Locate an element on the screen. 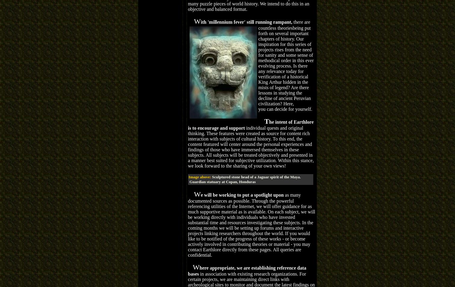 Image resolution: width=455 pixels, height=287 pixels. 'e 
        will be working to put a spotlight upon' is located at coordinates (242, 195).